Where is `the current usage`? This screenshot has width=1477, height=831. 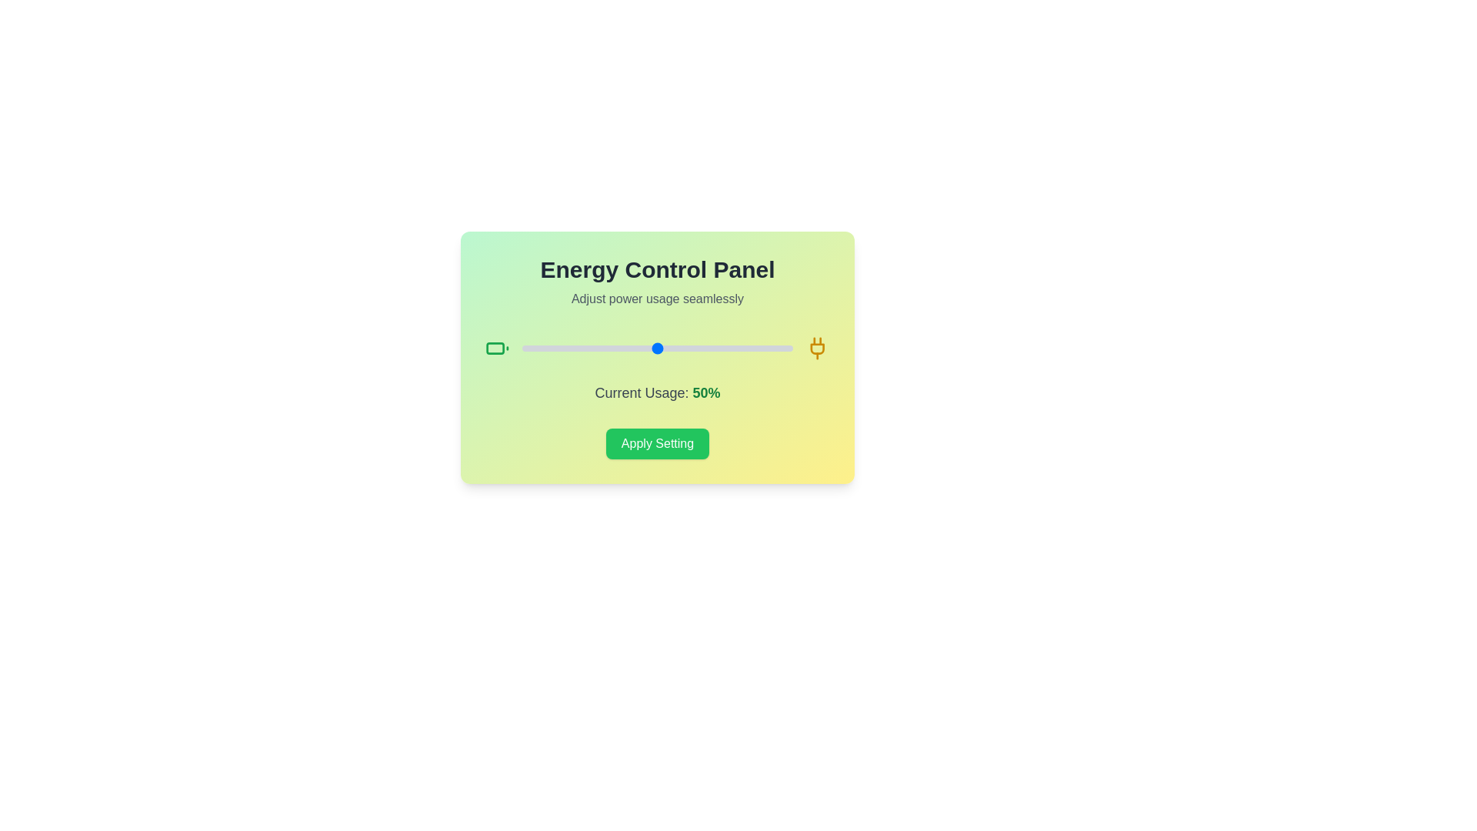
the current usage is located at coordinates (575, 348).